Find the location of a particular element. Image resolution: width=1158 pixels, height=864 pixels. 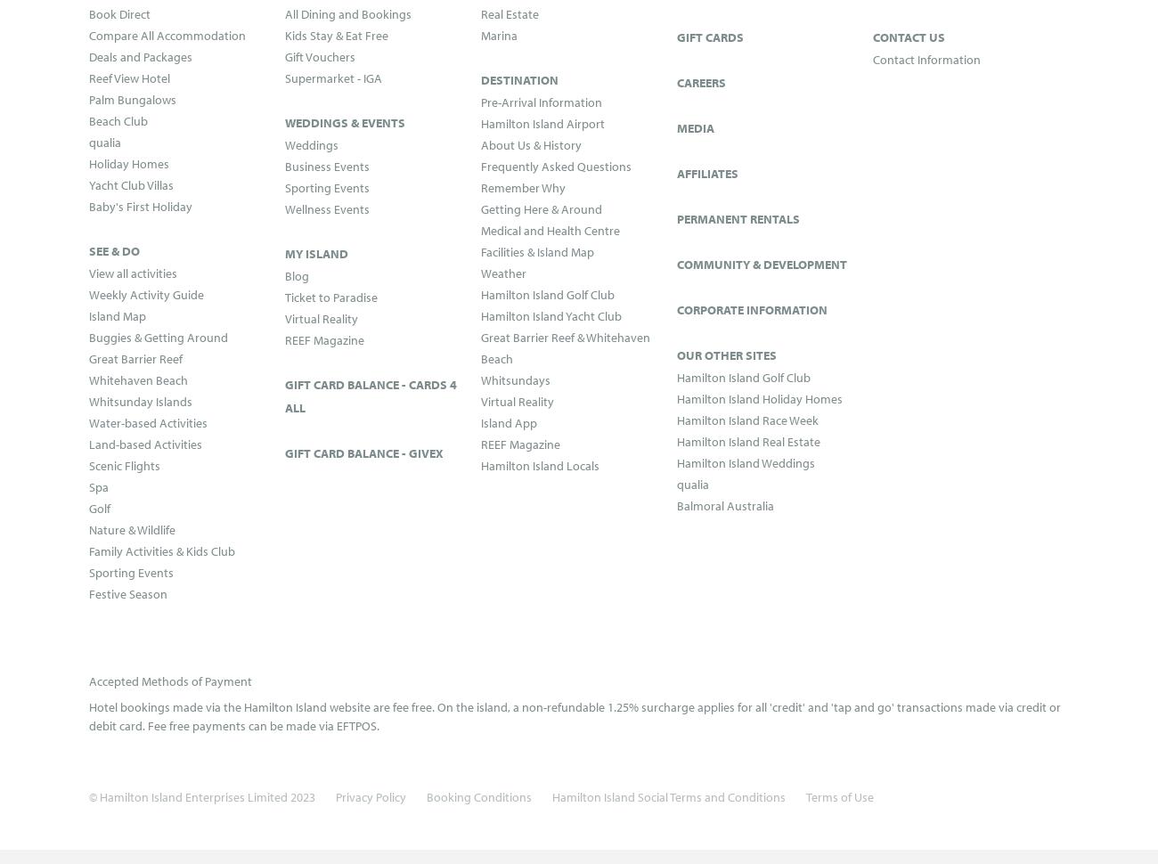

'Corporate Information' is located at coordinates (752, 307).